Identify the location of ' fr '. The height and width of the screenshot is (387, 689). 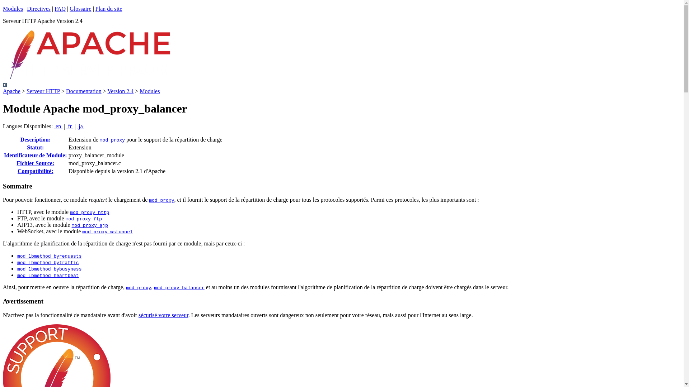
(66, 126).